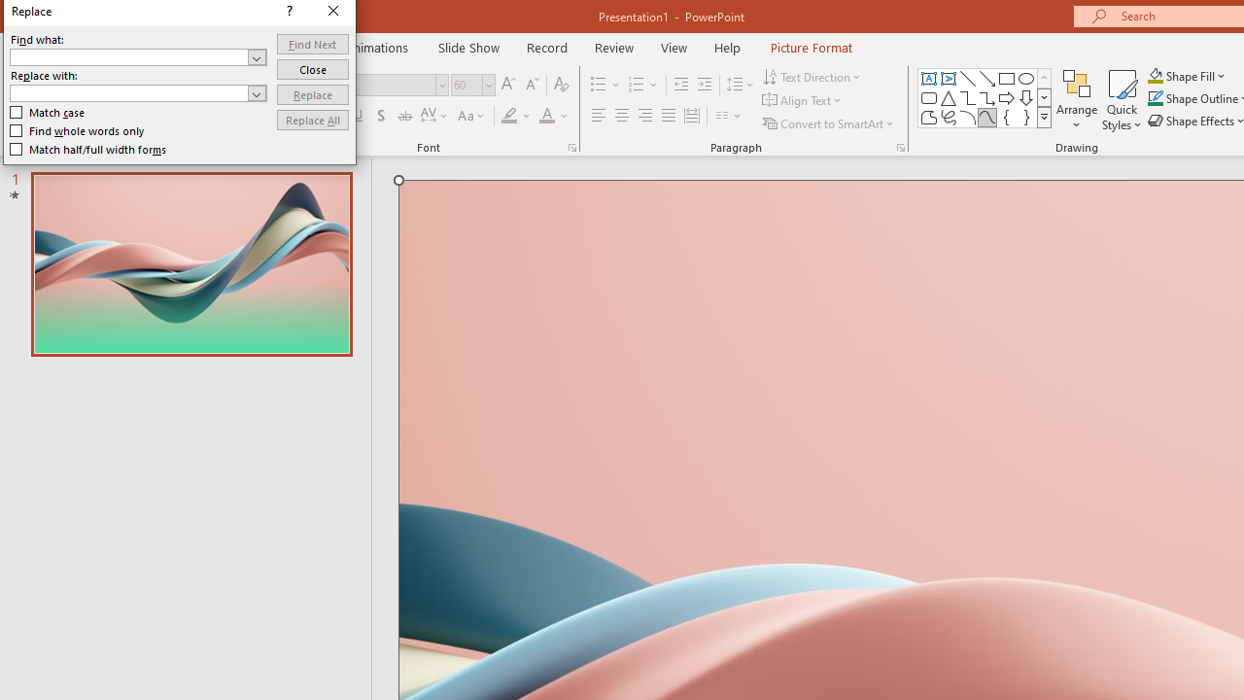 The width and height of the screenshot is (1244, 700). What do you see at coordinates (726, 47) in the screenshot?
I see `'Help'` at bounding box center [726, 47].